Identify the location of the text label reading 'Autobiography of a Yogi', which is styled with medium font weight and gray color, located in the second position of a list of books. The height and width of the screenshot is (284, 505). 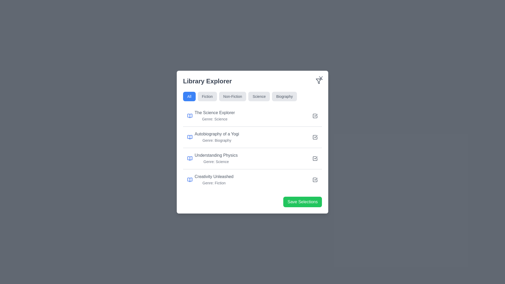
(217, 134).